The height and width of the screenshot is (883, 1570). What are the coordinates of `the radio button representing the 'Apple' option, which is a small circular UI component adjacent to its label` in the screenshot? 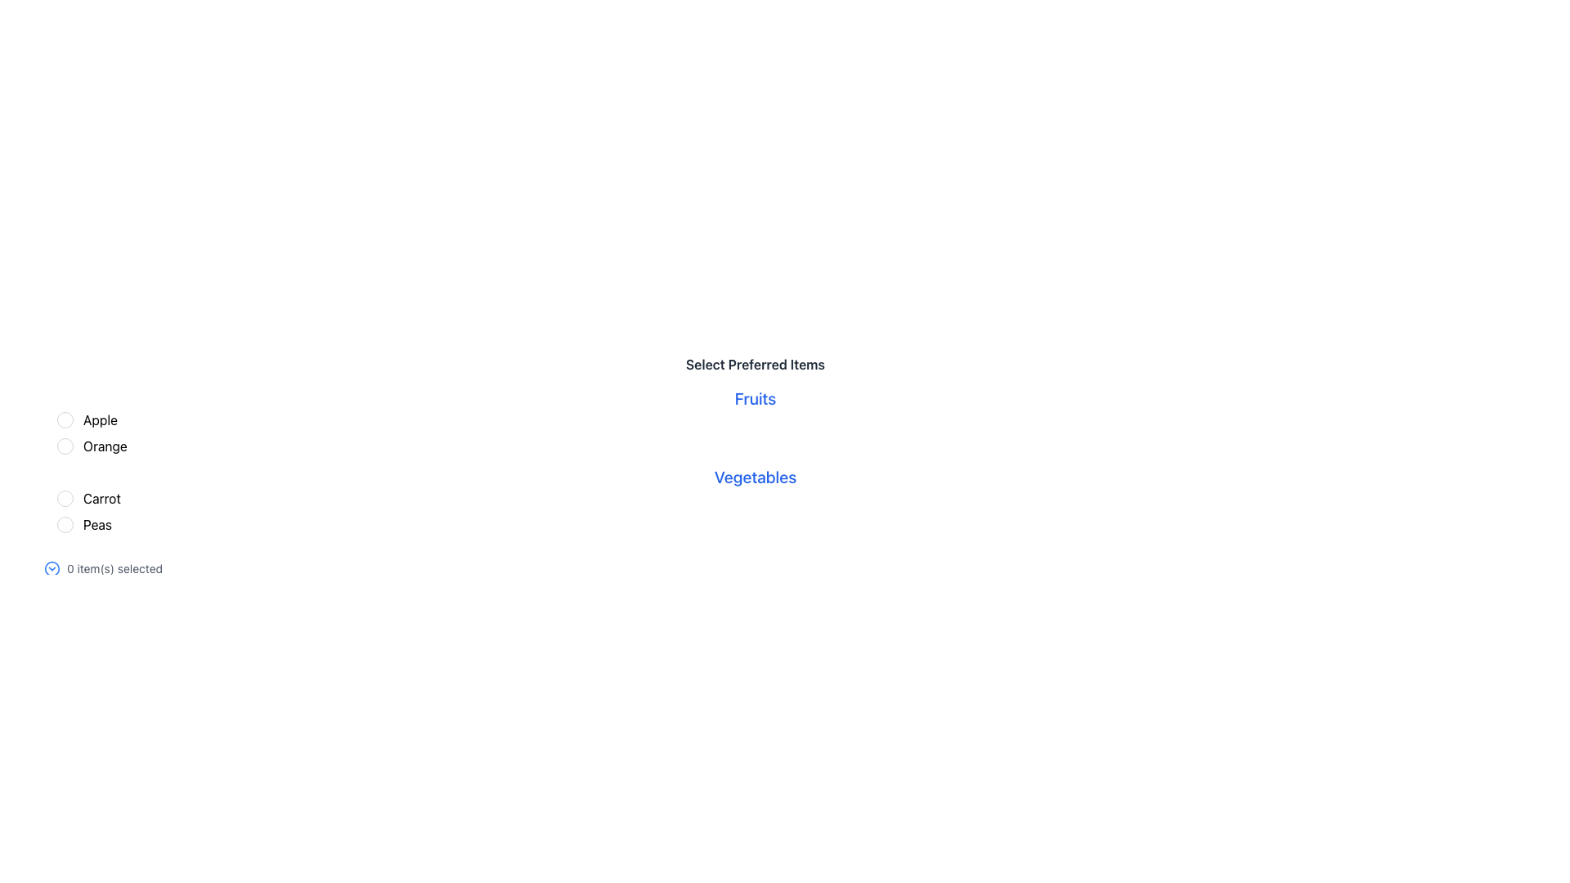 It's located at (65, 419).